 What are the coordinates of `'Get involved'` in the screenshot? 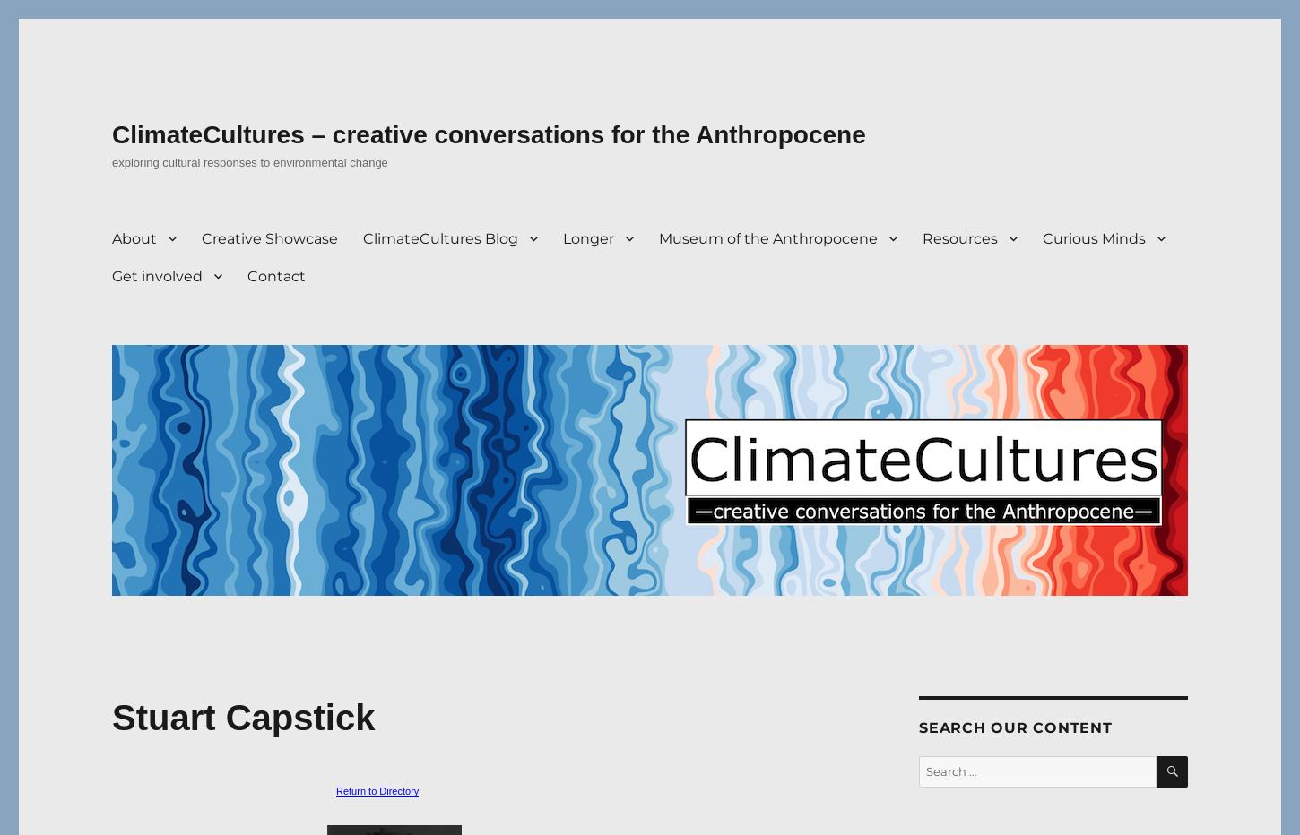 It's located at (156, 275).